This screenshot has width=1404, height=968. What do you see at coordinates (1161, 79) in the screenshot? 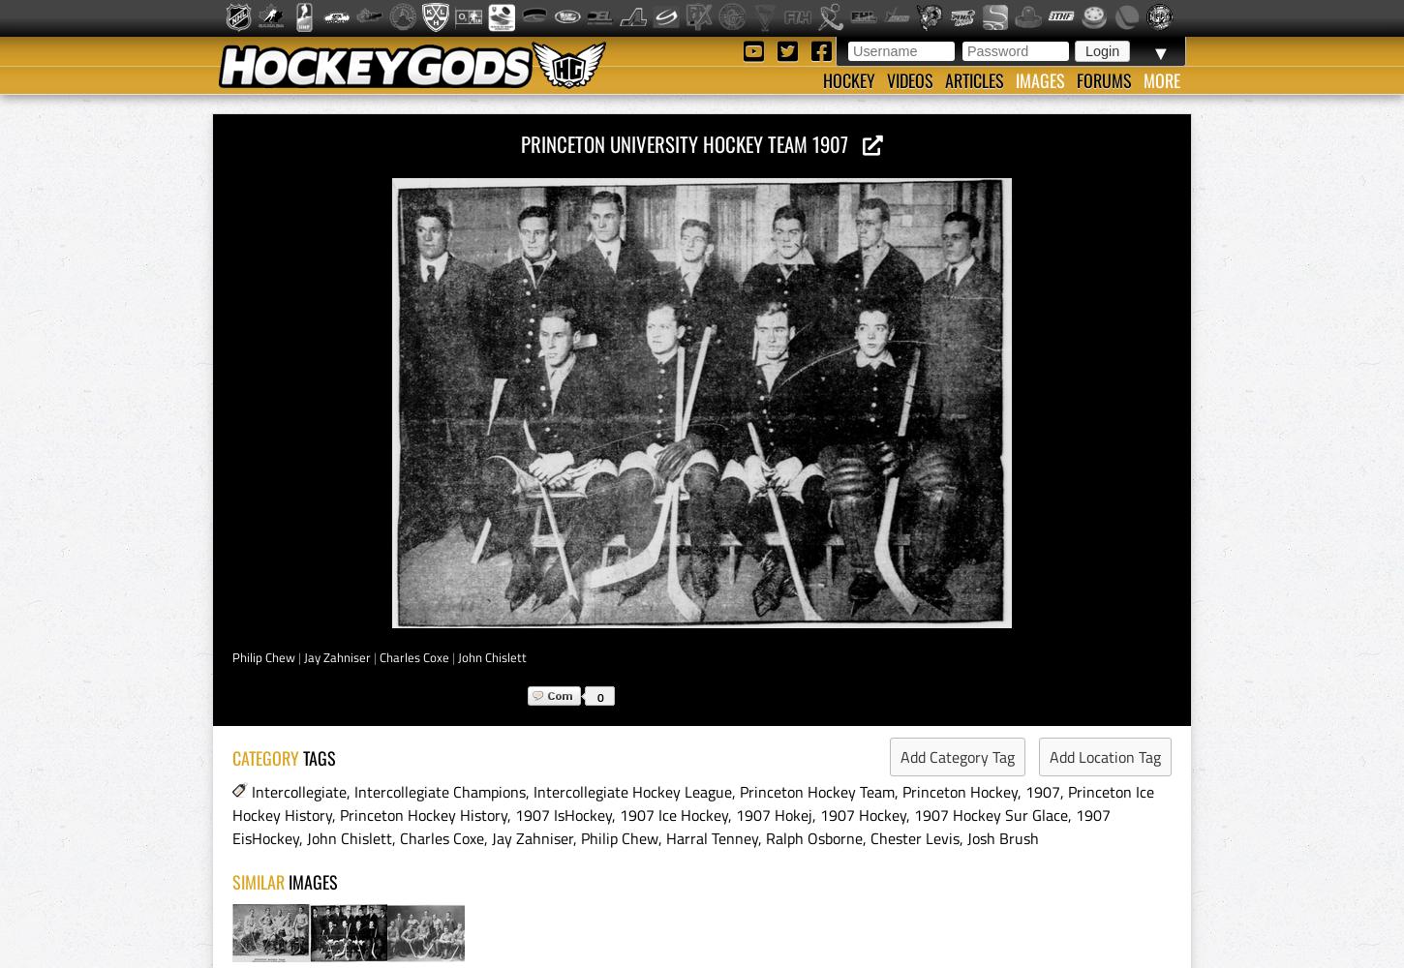
I see `'More'` at bounding box center [1161, 79].